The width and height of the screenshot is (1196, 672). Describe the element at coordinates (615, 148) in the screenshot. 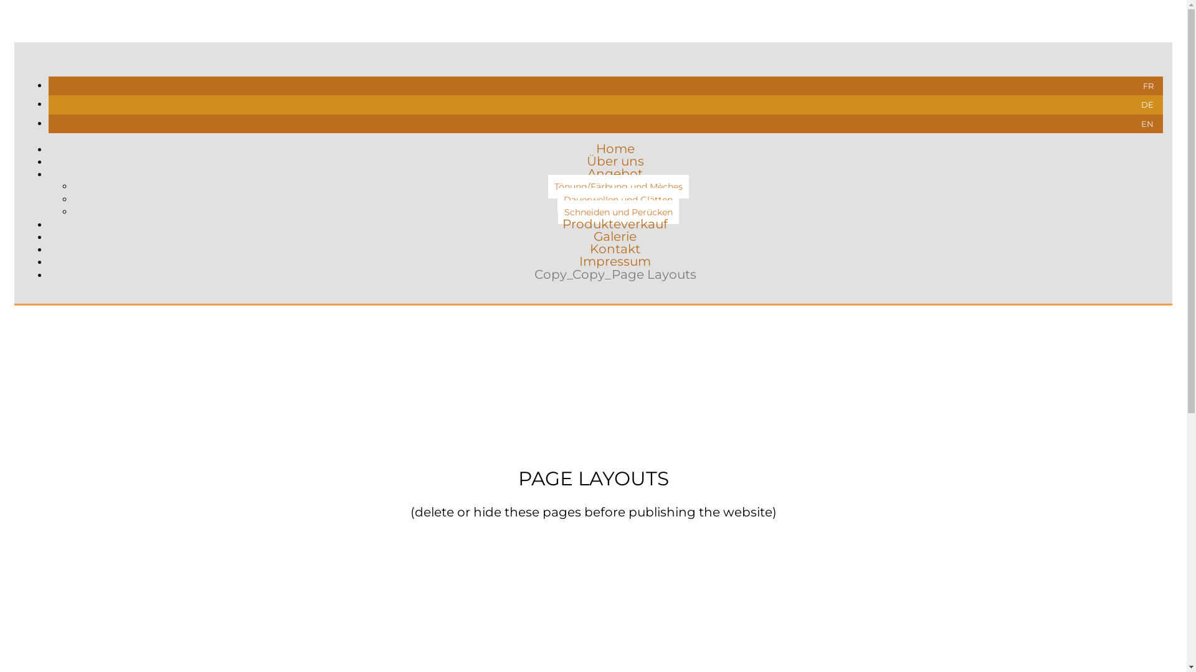

I see `'Home'` at that location.